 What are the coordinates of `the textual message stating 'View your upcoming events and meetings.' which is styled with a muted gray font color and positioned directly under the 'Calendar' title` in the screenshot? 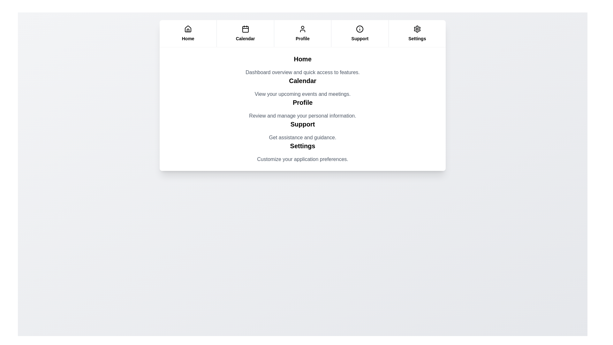 It's located at (302, 94).